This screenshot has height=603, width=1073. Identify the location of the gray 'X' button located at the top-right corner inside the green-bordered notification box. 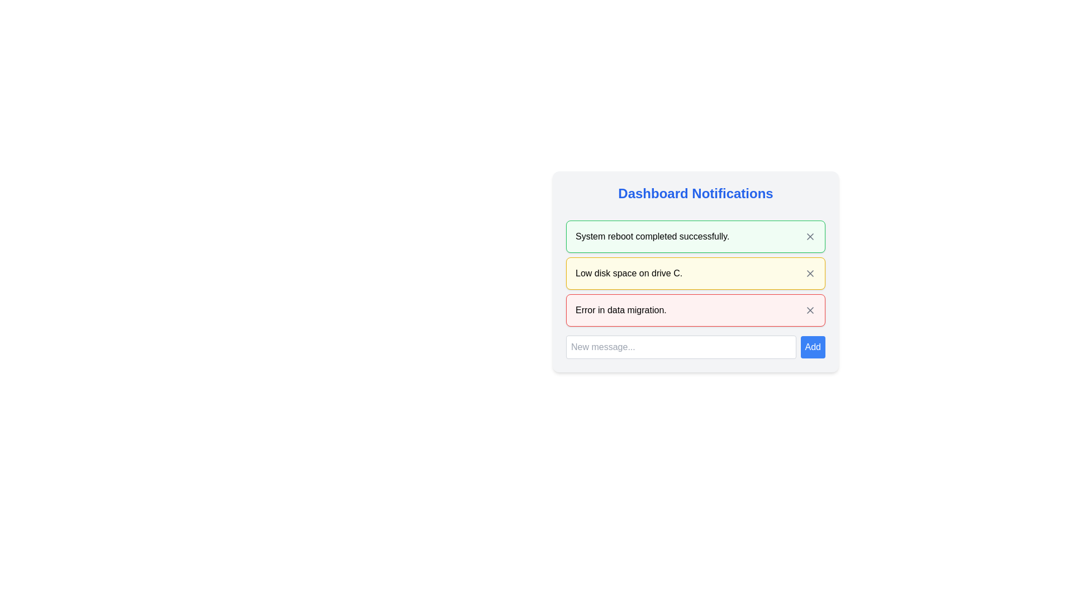
(810, 236).